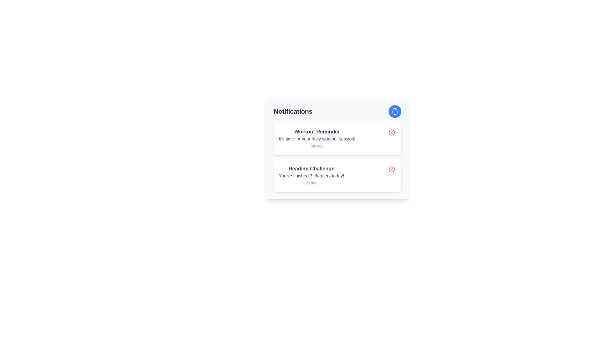 This screenshot has width=612, height=344. What do you see at coordinates (311, 183) in the screenshot?
I see `timestamp displayed in the gray text label indicating '2h ago', located in the bottom-right corner of the 'Reading Challenge' notification card` at bounding box center [311, 183].